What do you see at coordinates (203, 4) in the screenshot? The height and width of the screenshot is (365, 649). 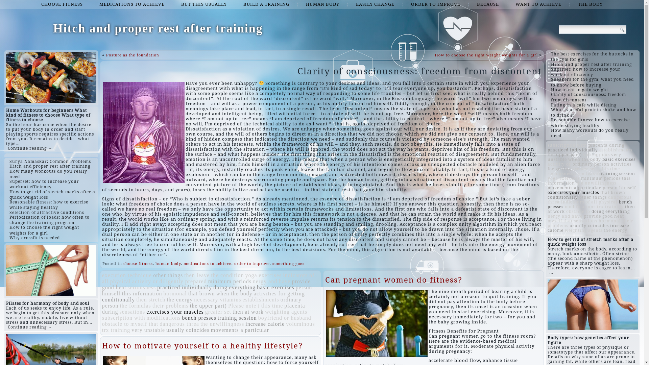 I see `'BUT THIS USUALLY'` at bounding box center [203, 4].